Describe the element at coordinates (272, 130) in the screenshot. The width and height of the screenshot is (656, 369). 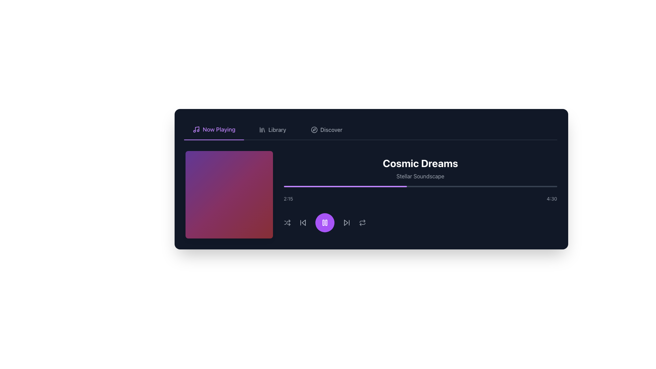
I see `the 'Library' navigation tab button` at that location.